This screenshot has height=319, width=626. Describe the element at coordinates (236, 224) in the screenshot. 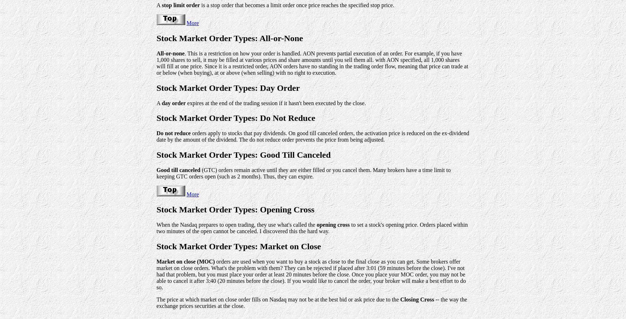

I see `'When the Nasdaq prepares to open trading, they use what's called the'` at that location.